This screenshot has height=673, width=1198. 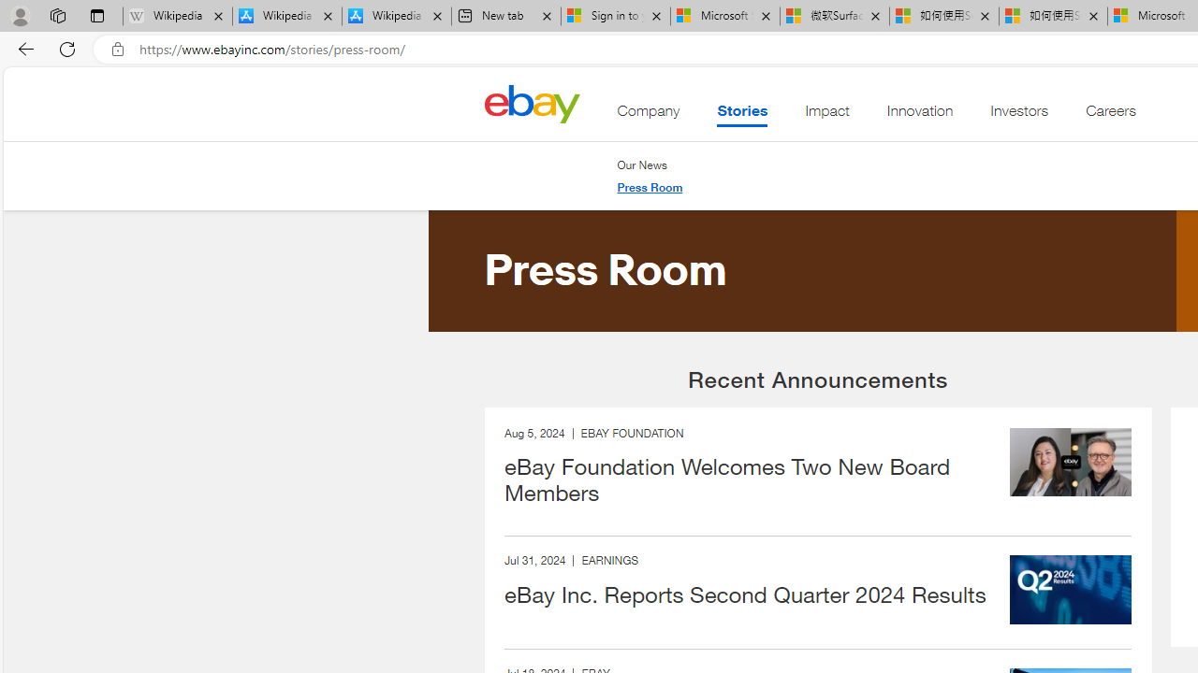 What do you see at coordinates (825, 115) in the screenshot?
I see `'Impact'` at bounding box center [825, 115].